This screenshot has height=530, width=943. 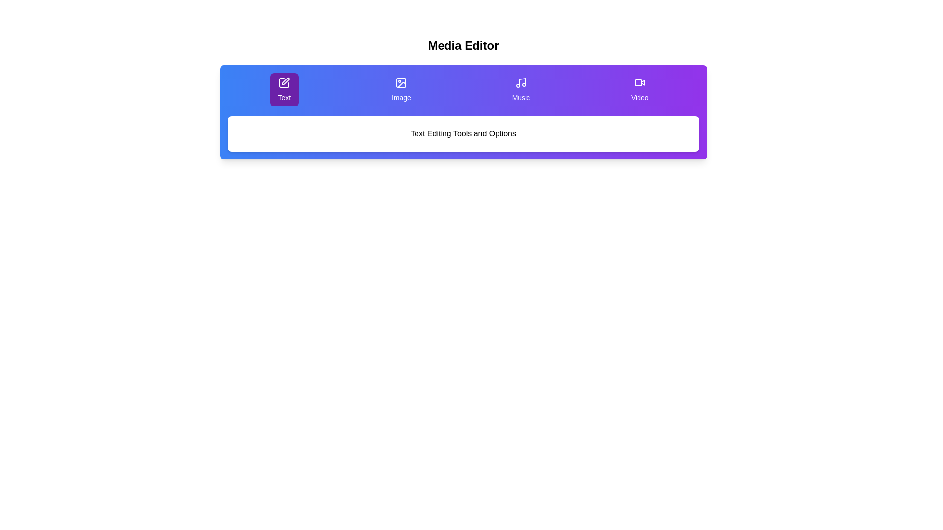 I want to click on the text label that reads 'Text' with a purple background, located at the bottom of a circular button in the horizontal menu bar, so click(x=284, y=98).